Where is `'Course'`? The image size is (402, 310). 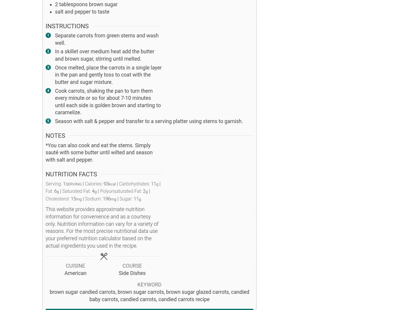 'Course' is located at coordinates (132, 266).